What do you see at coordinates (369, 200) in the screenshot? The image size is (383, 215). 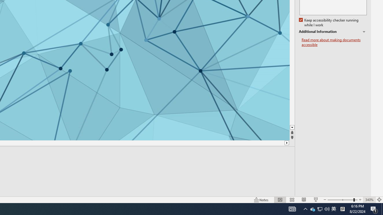 I see `'Zoom 340%'` at bounding box center [369, 200].